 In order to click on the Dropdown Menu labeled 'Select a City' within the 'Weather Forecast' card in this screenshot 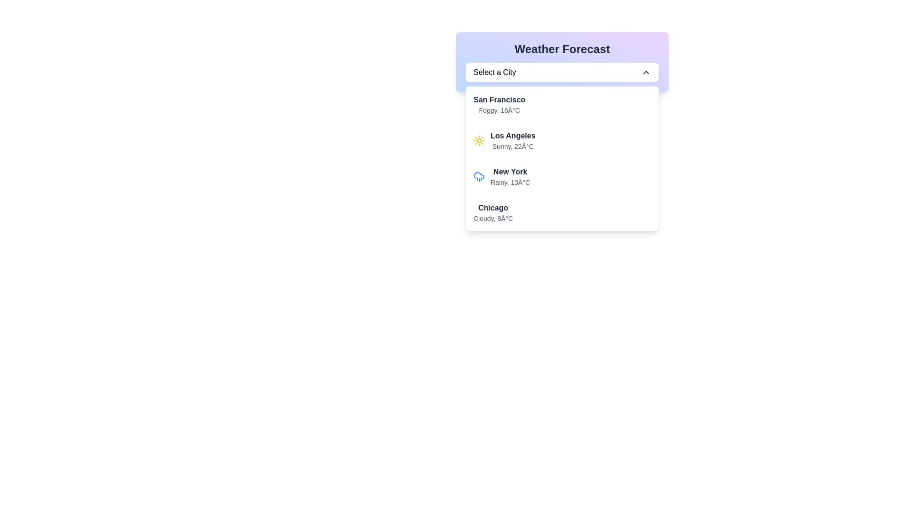, I will do `click(562, 72)`.